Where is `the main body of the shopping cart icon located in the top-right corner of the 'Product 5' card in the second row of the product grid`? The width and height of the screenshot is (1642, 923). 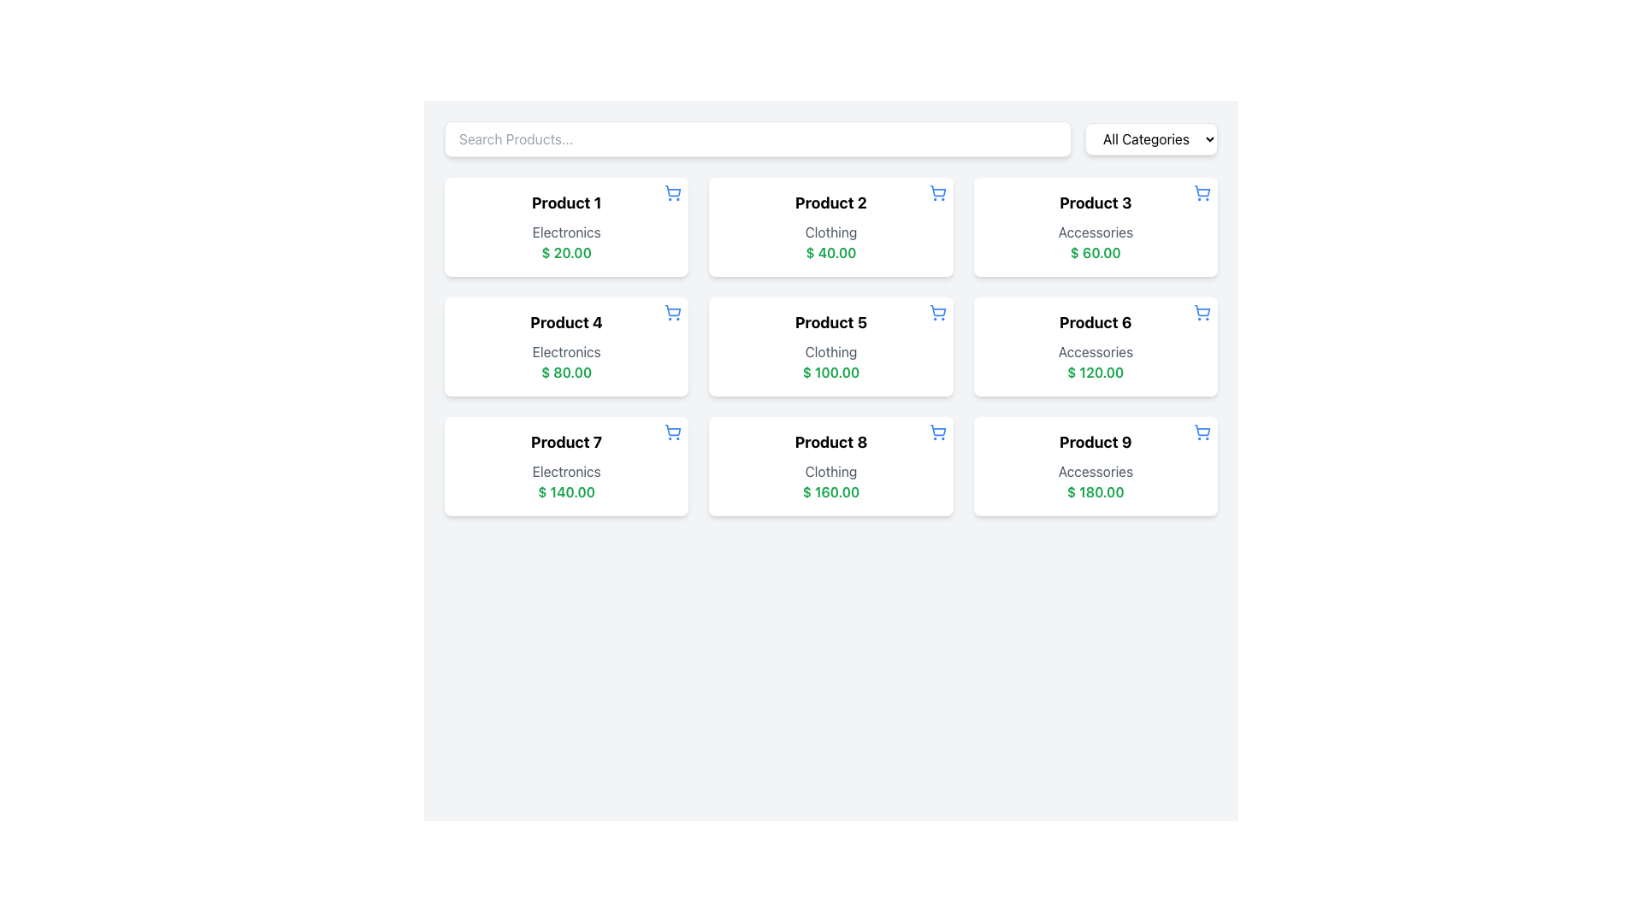
the main body of the shopping cart icon located in the top-right corner of the 'Product 5' card in the second row of the product grid is located at coordinates (936, 310).